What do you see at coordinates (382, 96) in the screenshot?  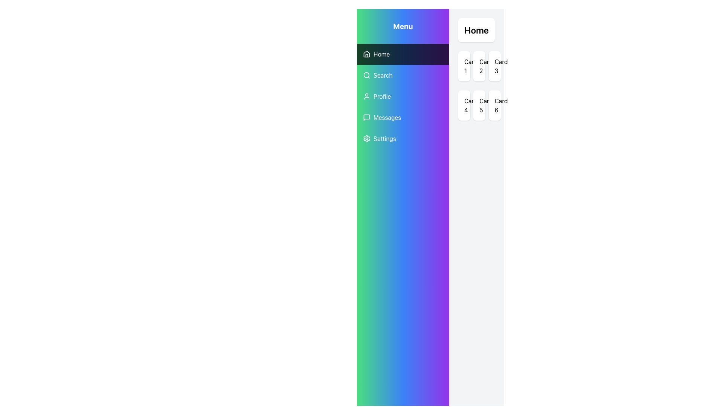 I see `'Profile' text label located in the sidebar navigation menu, positioned under 'Search' and above 'Messages'` at bounding box center [382, 96].